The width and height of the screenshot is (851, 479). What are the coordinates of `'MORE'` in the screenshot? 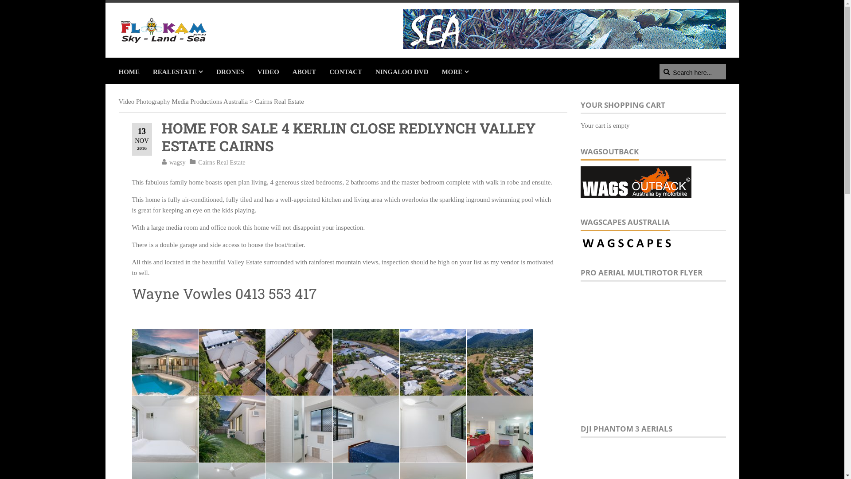 It's located at (455, 70).